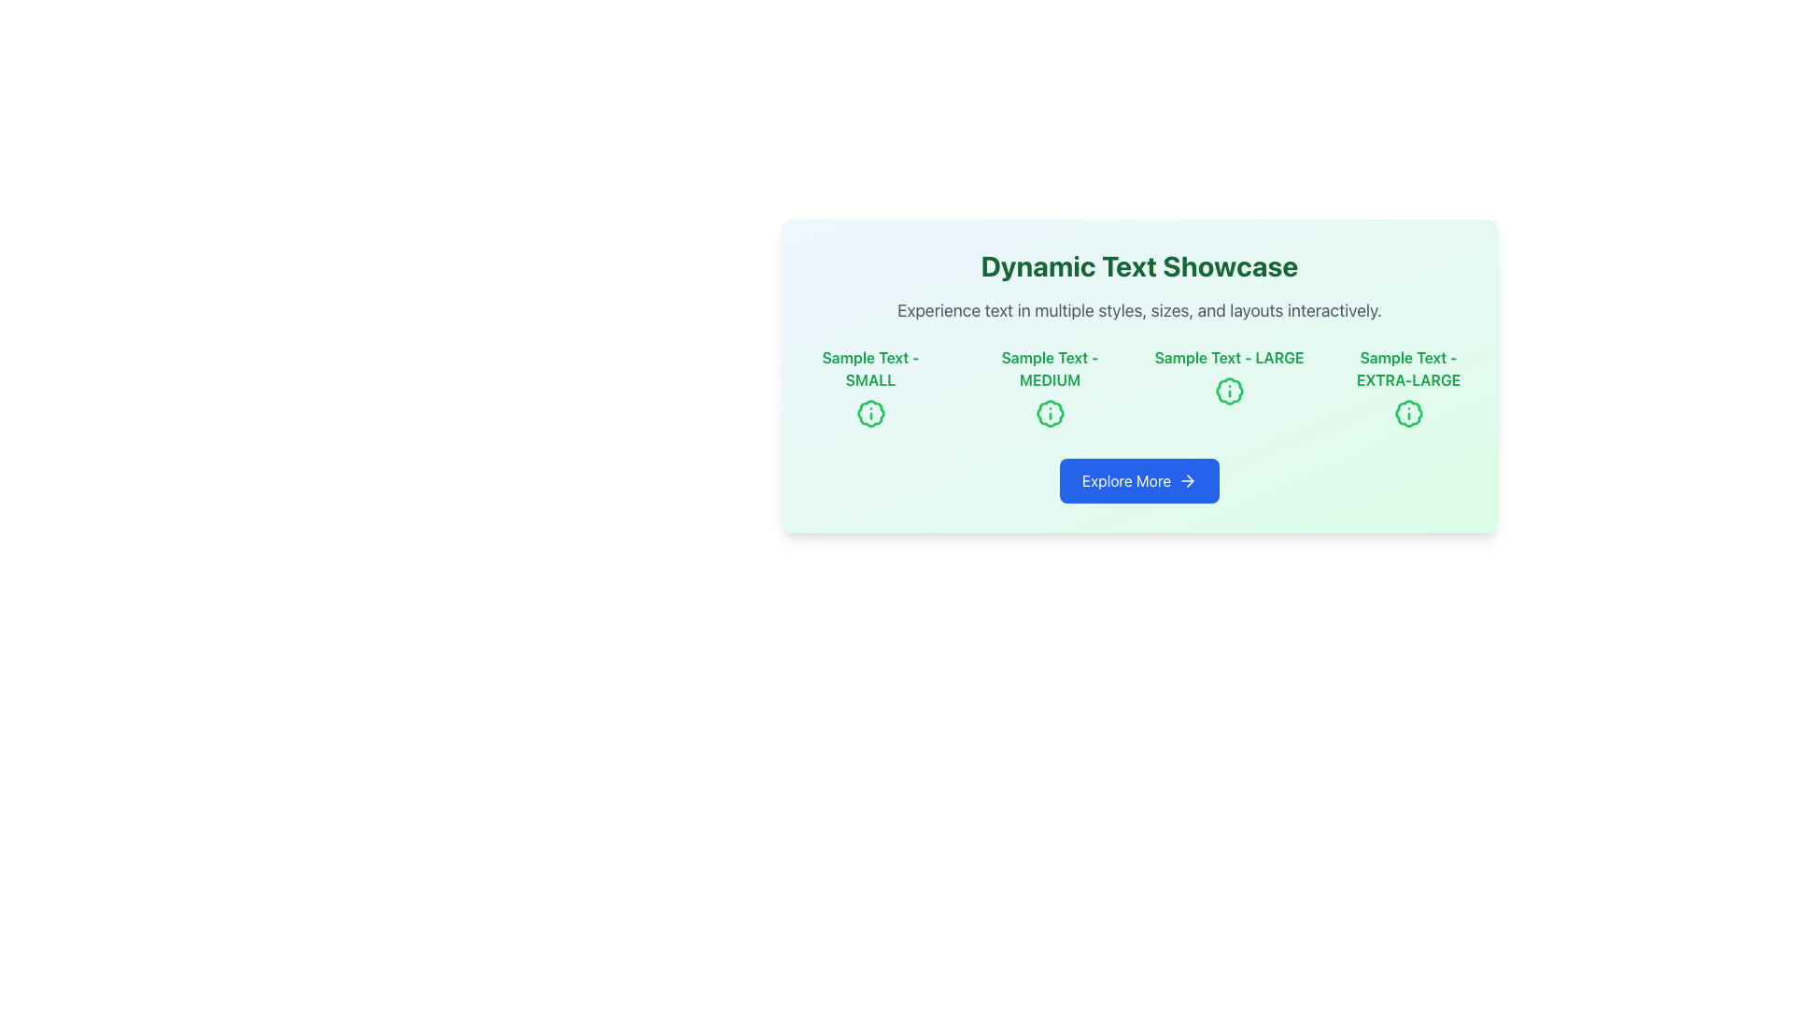 This screenshot has width=1793, height=1009. What do you see at coordinates (1229, 387) in the screenshot?
I see `the green badge icon located below the text 'Sample Text - LARGE' in the composite element` at bounding box center [1229, 387].